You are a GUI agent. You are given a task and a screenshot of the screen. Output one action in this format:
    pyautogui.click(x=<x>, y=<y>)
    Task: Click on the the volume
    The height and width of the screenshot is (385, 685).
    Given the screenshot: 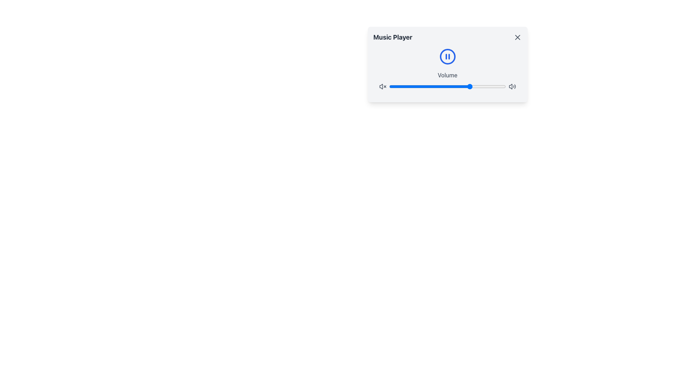 What is the action you would take?
    pyautogui.click(x=422, y=86)
    